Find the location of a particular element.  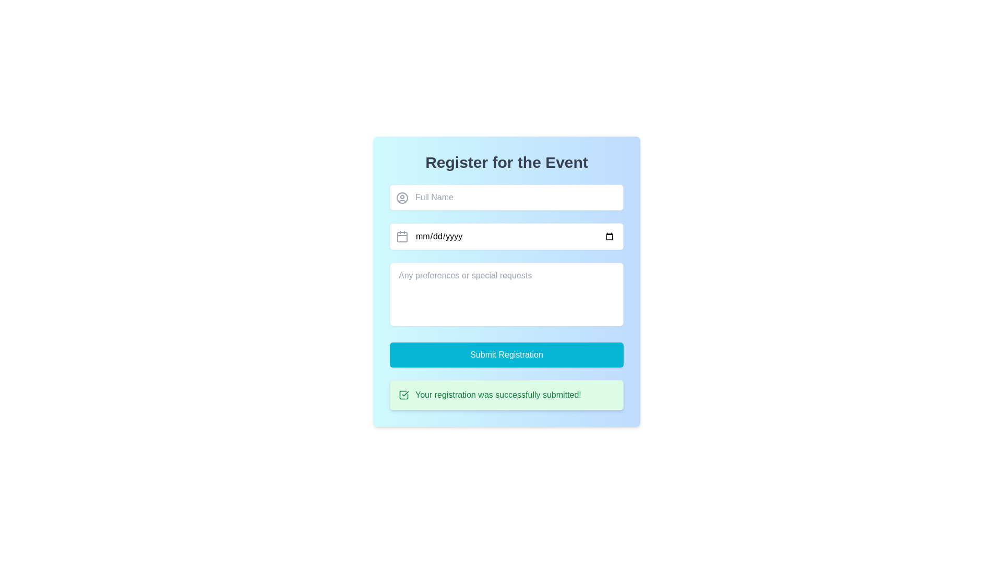

the date selection icon located on the left side of the date input field, near its top-left corner is located at coordinates (402, 237).